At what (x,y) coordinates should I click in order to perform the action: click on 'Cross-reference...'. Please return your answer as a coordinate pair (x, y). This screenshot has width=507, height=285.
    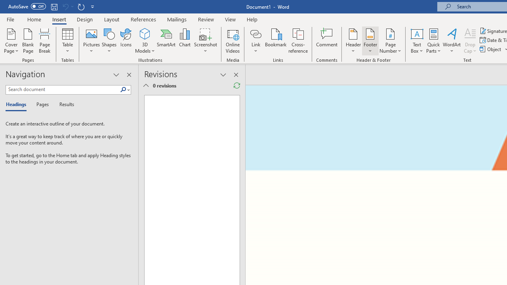
    Looking at the image, I should click on (297, 41).